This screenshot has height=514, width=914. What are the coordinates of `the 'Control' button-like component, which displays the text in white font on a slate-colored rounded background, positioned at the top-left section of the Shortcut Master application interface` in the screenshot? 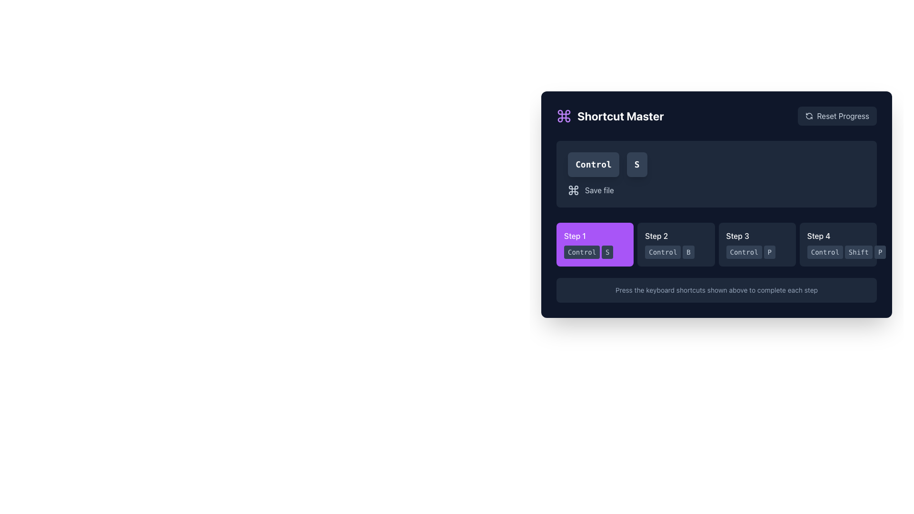 It's located at (593, 164).